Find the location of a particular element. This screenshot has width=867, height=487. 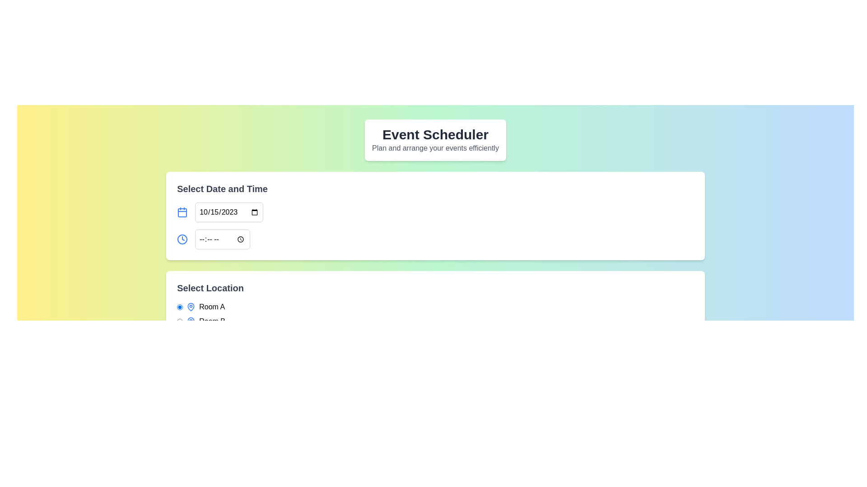

the text label displaying 'Plan and arrange your events efficiently' which is located directly below the 'Event Scheduler' header is located at coordinates (435, 147).